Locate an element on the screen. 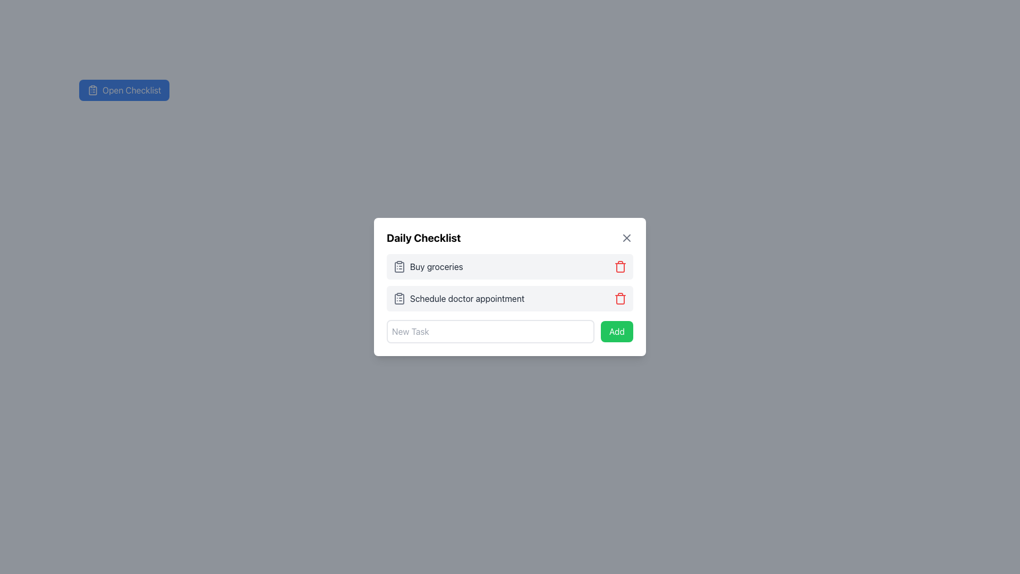 This screenshot has height=574, width=1020. the second task entry in the checklist to access further options for editing or deleting the task is located at coordinates (510, 299).